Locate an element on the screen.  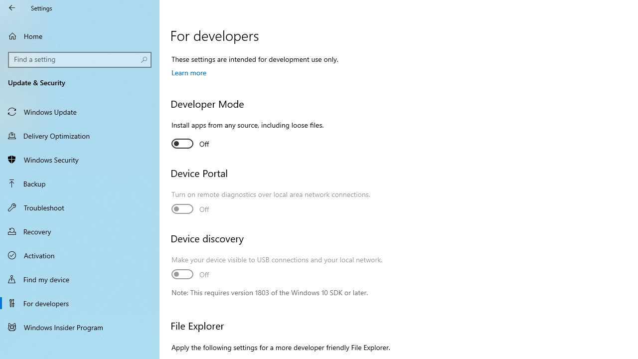
'Recovery' is located at coordinates (80, 231).